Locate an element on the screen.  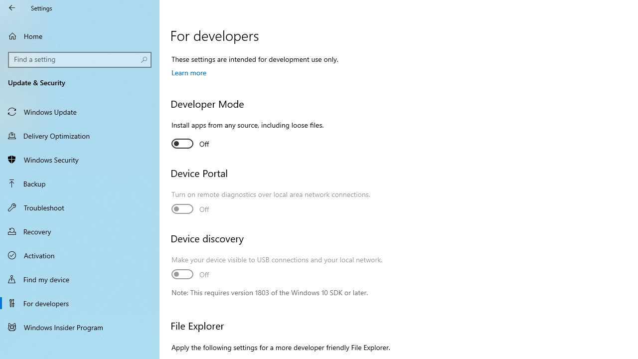
'Recovery' is located at coordinates (80, 231).